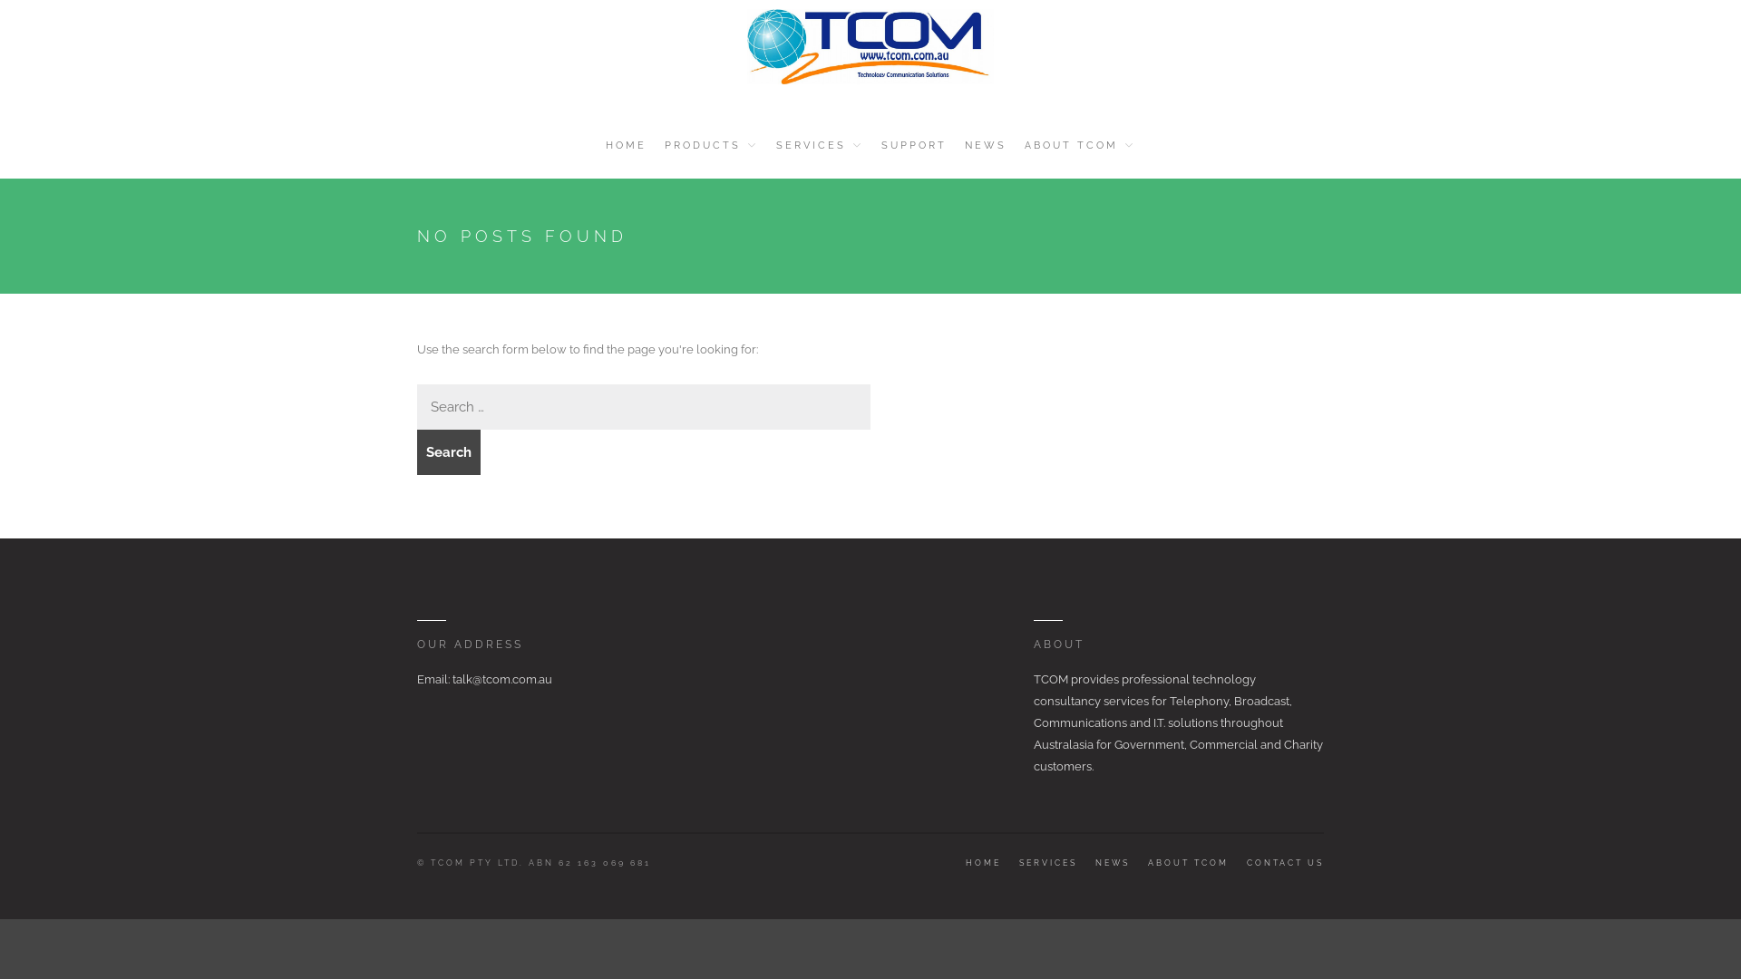 The image size is (1741, 979). I want to click on 'ABOUT TCOM', so click(1188, 862).